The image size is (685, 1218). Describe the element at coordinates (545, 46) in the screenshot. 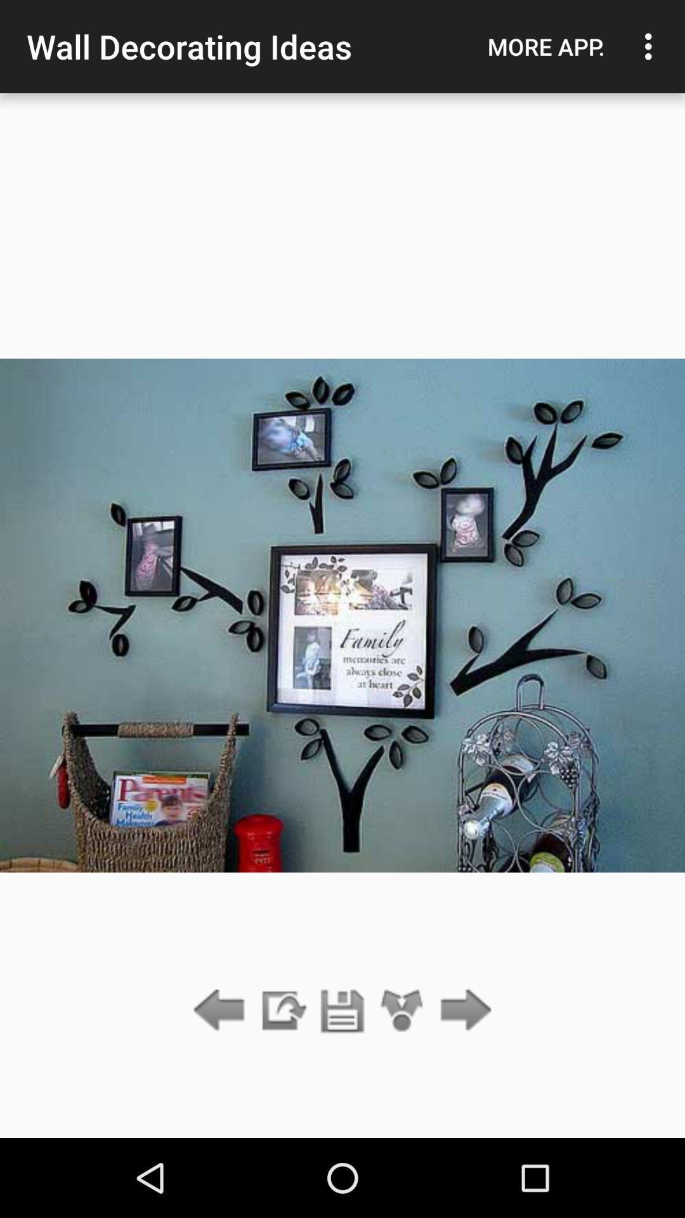

I see `the item to the right of wall decorating ideas item` at that location.